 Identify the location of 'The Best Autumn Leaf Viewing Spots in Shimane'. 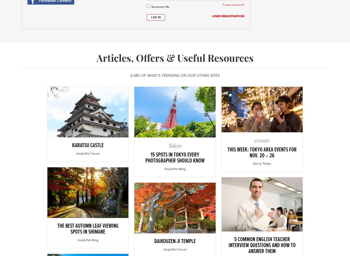
(87, 229).